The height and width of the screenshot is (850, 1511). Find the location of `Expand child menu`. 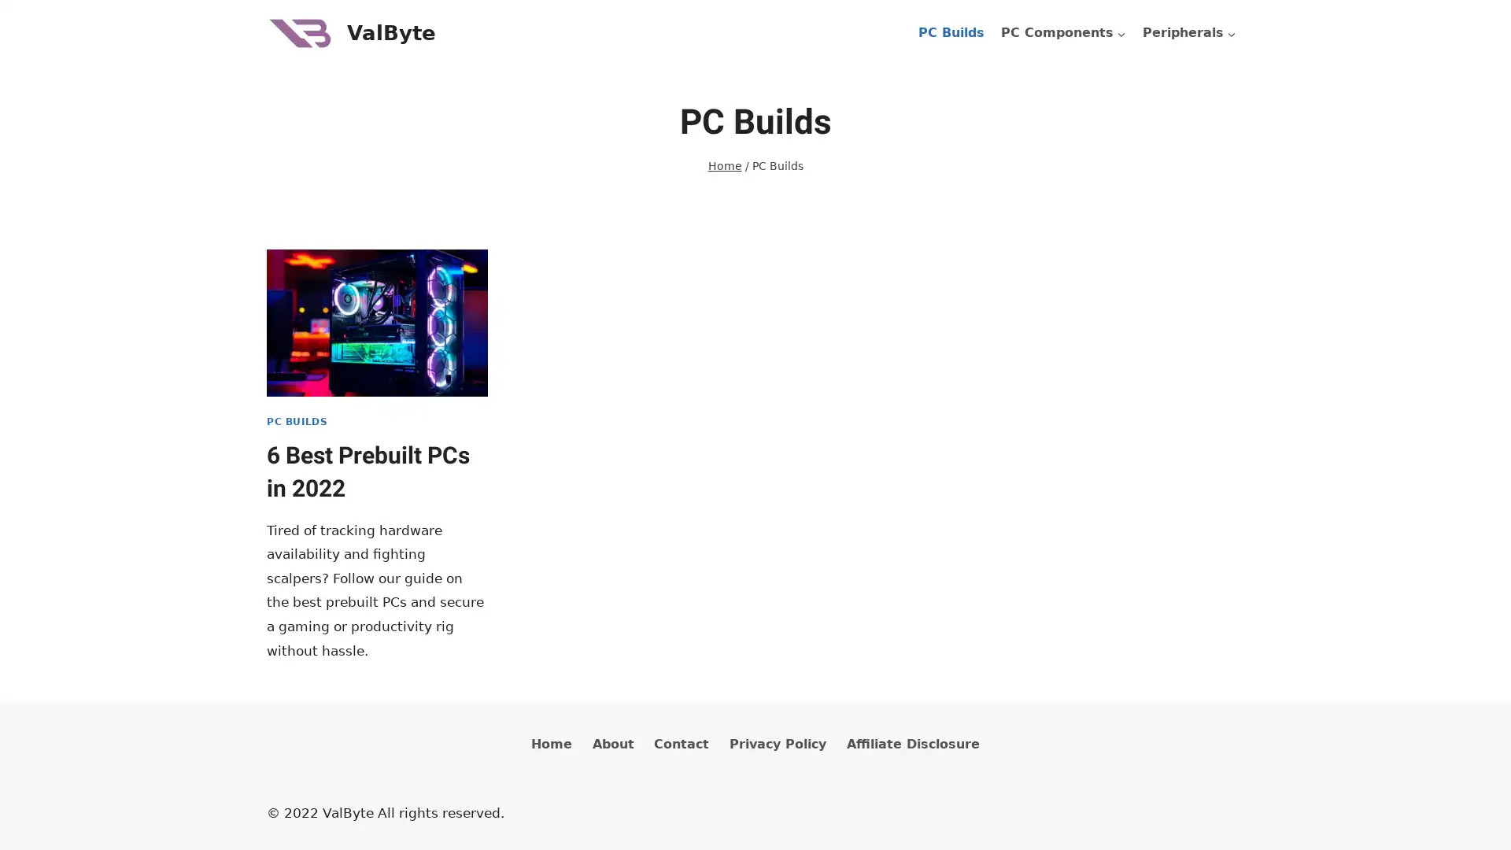

Expand child menu is located at coordinates (1062, 33).